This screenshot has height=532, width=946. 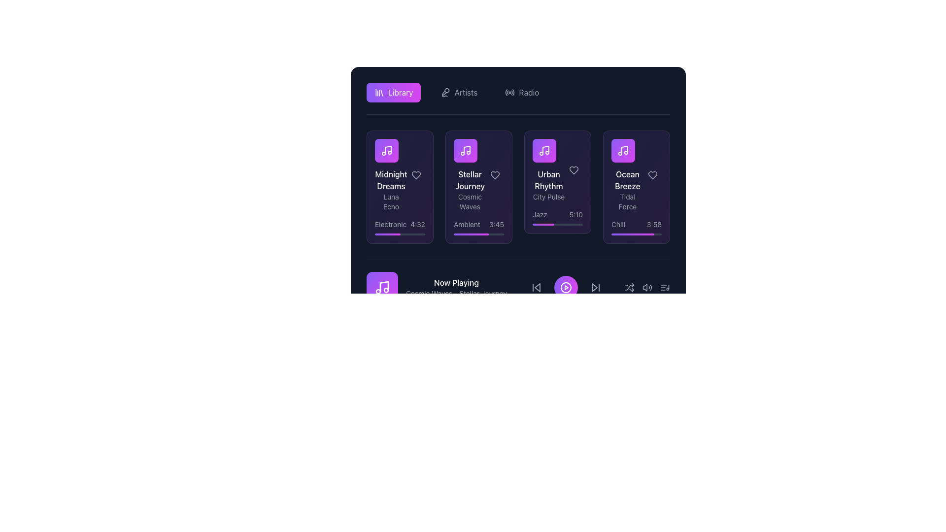 What do you see at coordinates (466, 224) in the screenshot?
I see `genre information text 'Ambient' located in the second card, positioned to the left of the time-duration '3:45'` at bounding box center [466, 224].